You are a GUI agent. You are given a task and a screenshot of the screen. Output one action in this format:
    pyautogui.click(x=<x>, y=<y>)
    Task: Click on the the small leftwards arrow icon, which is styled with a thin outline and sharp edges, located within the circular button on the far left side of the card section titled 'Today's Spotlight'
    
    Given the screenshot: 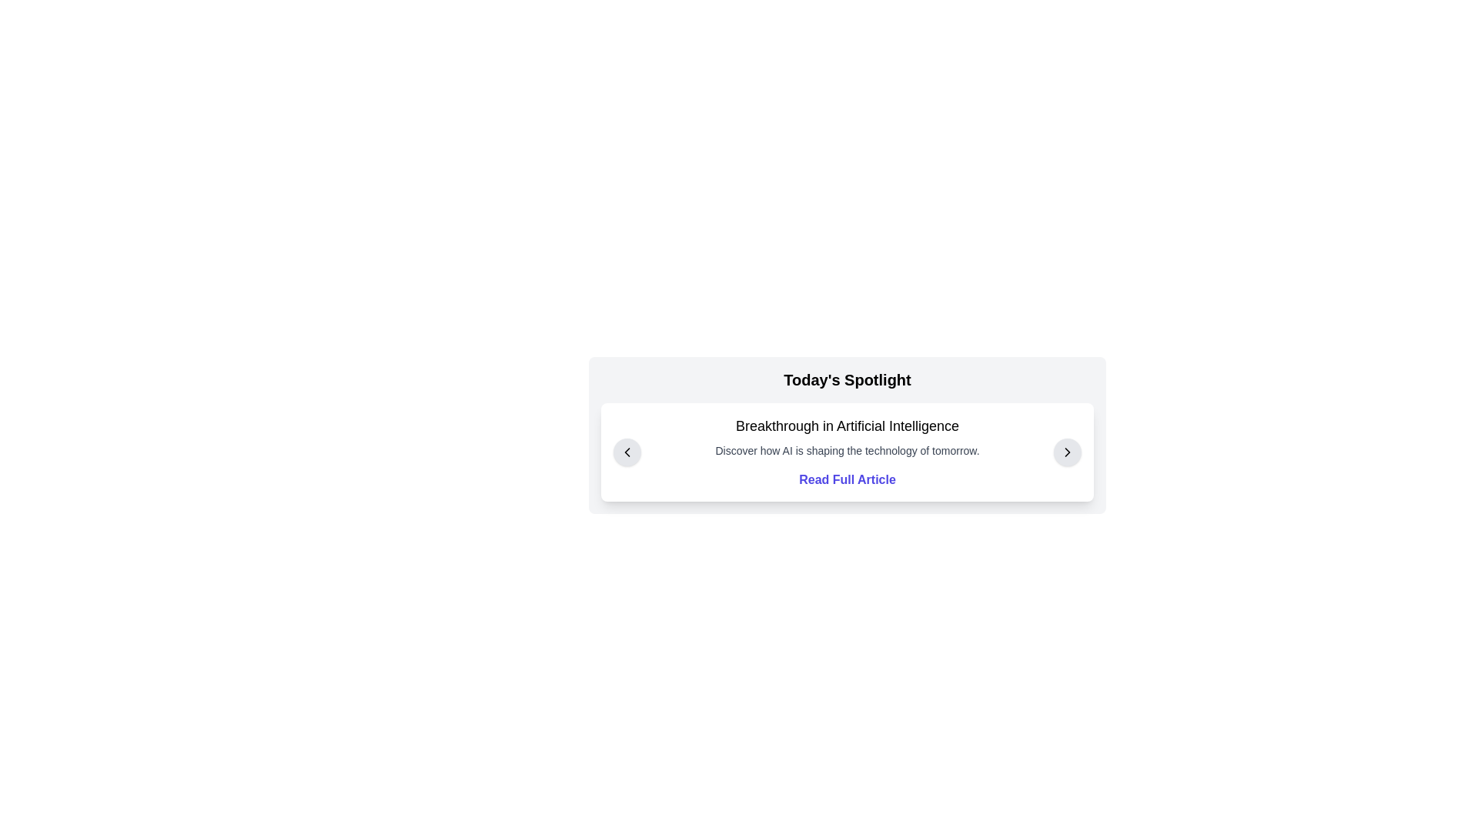 What is the action you would take?
    pyautogui.click(x=627, y=451)
    